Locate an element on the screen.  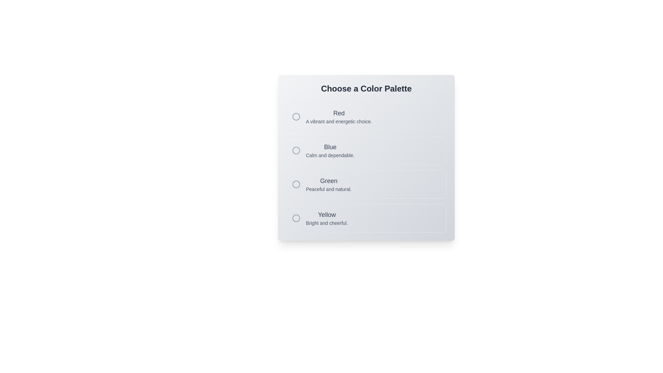
the radio button labeled 'Red' is located at coordinates (296, 116).